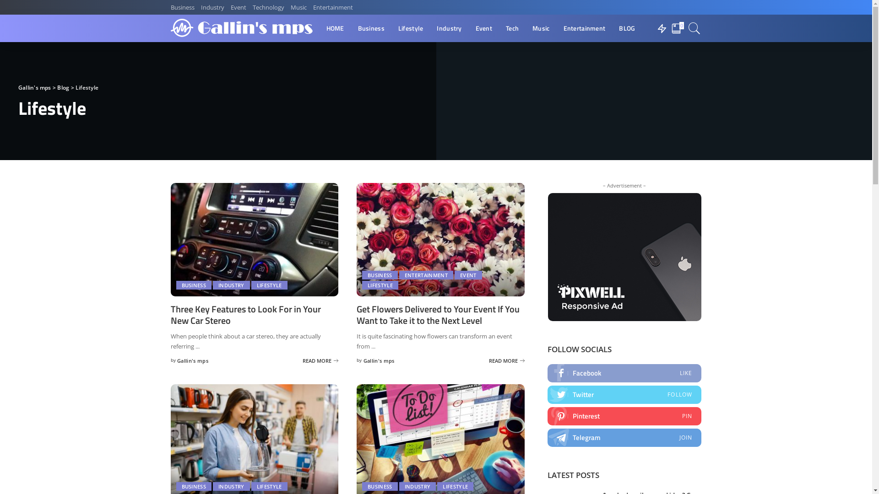 This screenshot has height=494, width=879. Describe the element at coordinates (267, 7) in the screenshot. I see `'Technology'` at that location.